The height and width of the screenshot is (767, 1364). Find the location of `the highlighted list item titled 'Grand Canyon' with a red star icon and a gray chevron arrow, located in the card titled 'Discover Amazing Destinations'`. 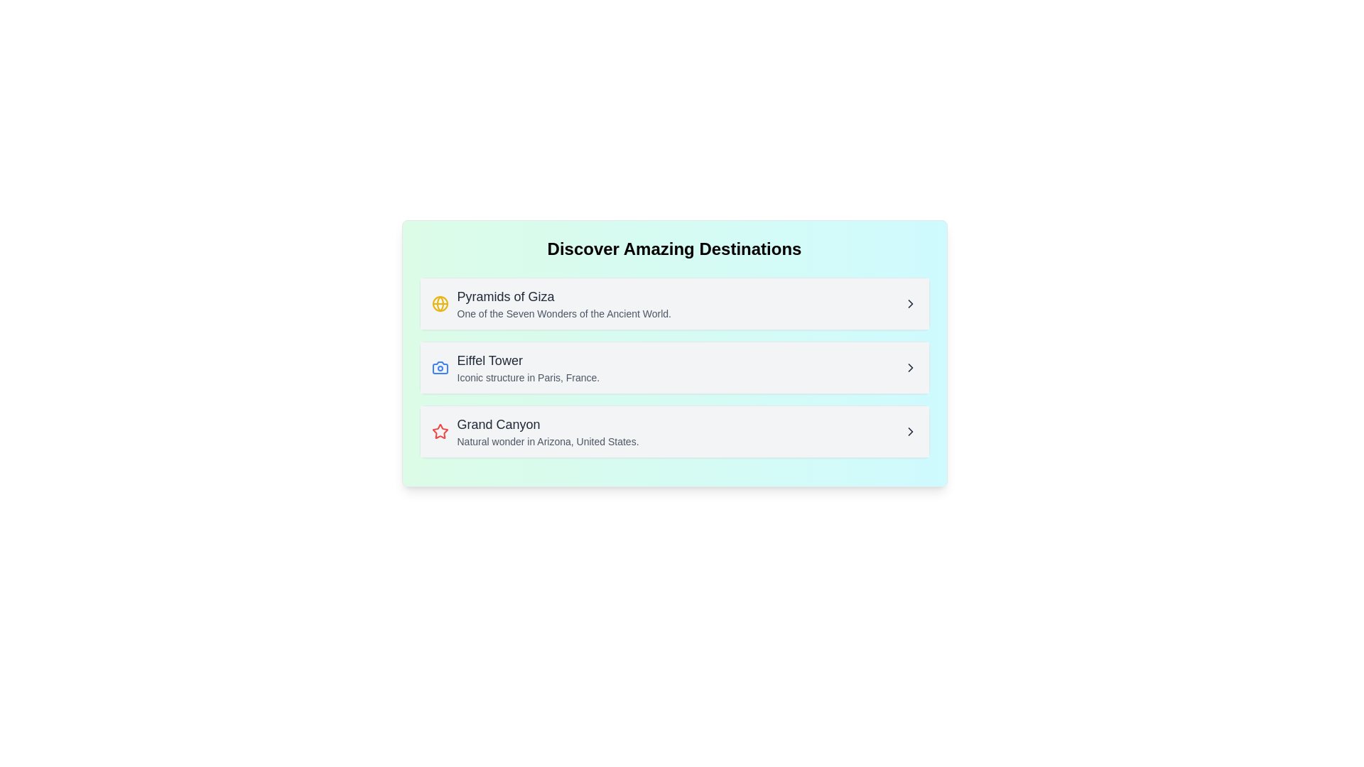

the highlighted list item titled 'Grand Canyon' with a red star icon and a gray chevron arrow, located in the card titled 'Discover Amazing Destinations' is located at coordinates (673, 431).